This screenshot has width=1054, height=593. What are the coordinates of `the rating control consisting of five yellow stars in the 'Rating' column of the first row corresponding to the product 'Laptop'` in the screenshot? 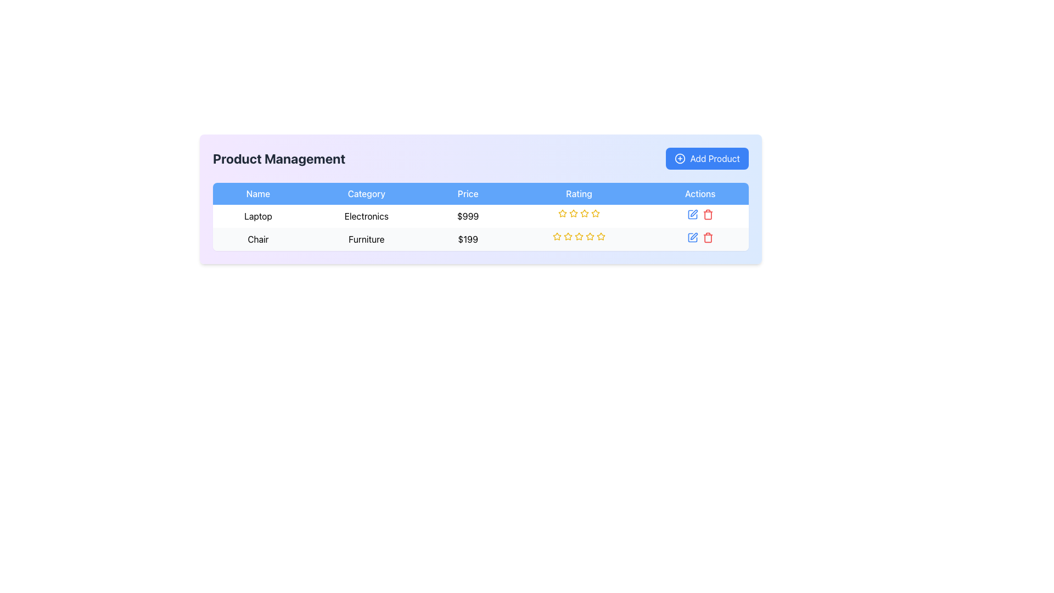 It's located at (579, 214).